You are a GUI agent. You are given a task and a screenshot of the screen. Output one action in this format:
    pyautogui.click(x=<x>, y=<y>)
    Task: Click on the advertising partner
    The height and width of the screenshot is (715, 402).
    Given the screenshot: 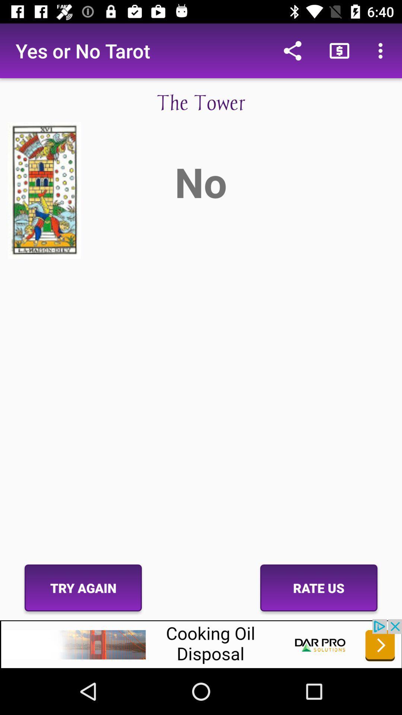 What is the action you would take?
    pyautogui.click(x=201, y=643)
    